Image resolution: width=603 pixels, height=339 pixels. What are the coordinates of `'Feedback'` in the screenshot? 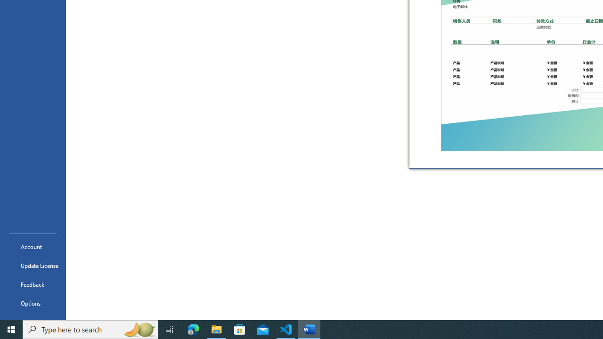 It's located at (33, 284).